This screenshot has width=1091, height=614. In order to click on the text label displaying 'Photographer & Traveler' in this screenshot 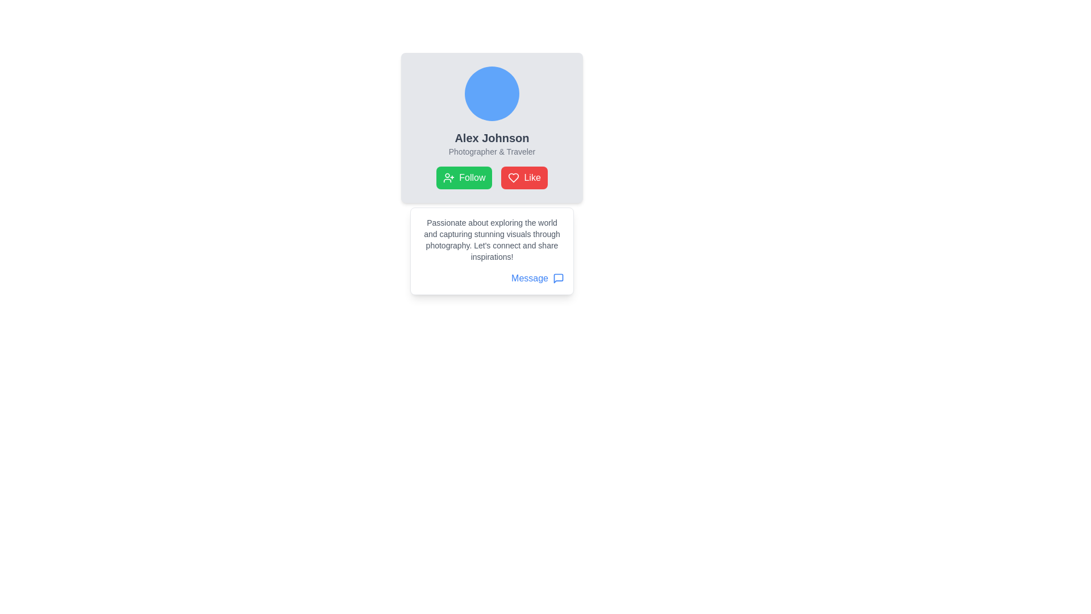, I will do `click(492, 151)`.